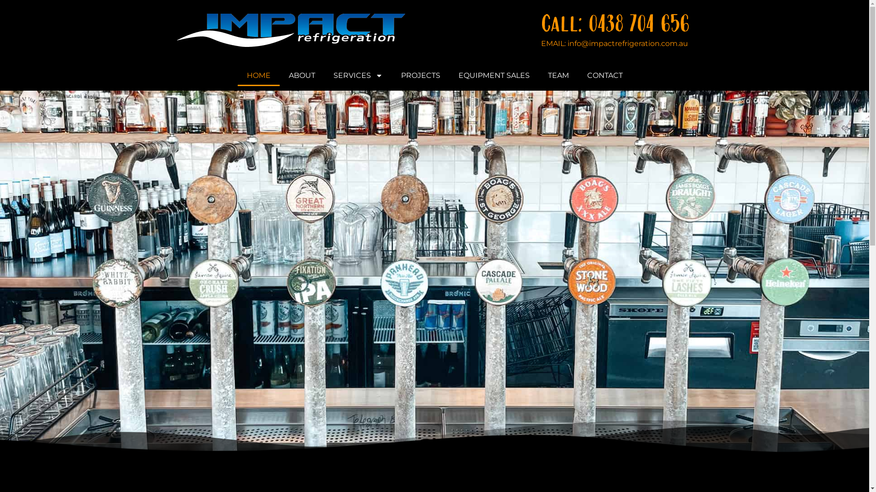 Image resolution: width=876 pixels, height=492 pixels. Describe the element at coordinates (258, 75) in the screenshot. I see `'HOME'` at that location.